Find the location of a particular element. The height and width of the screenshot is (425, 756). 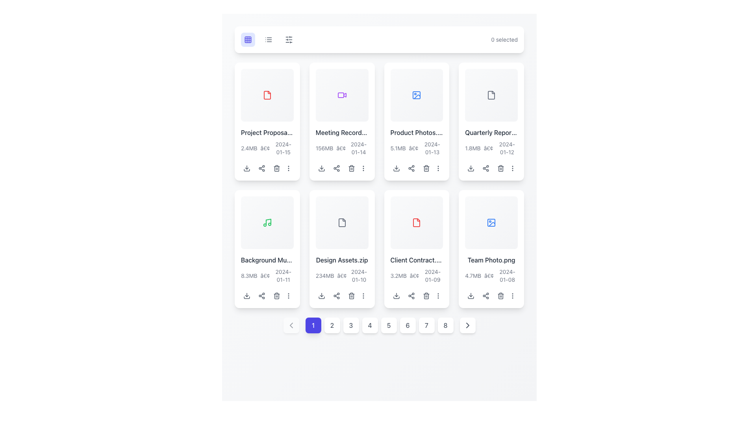

the red-highlighted PDF file icon located is located at coordinates (416, 222).